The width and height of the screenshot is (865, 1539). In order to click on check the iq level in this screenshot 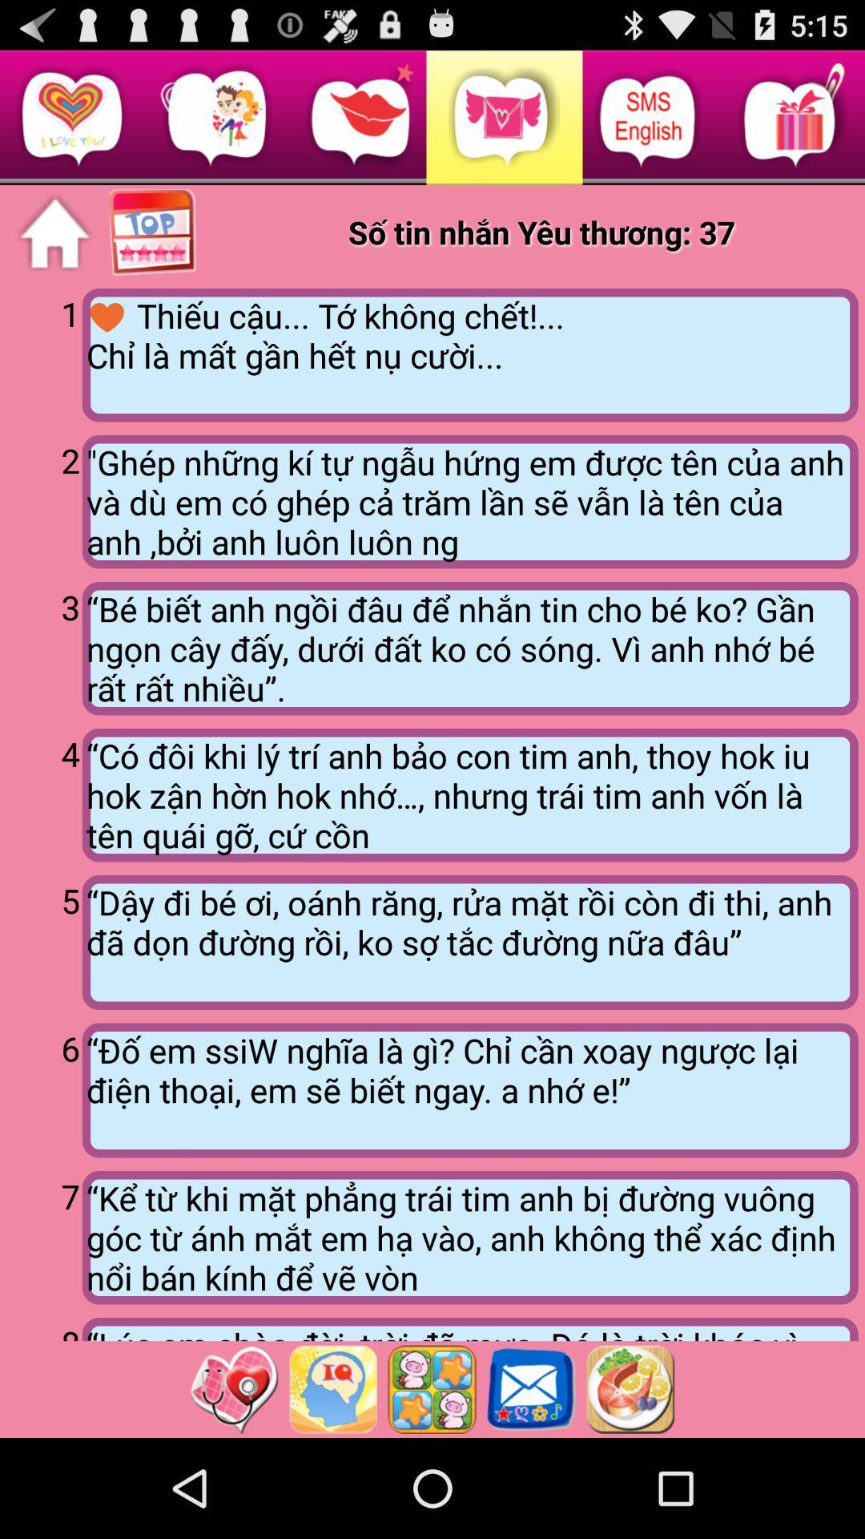, I will do `click(332, 1388)`.